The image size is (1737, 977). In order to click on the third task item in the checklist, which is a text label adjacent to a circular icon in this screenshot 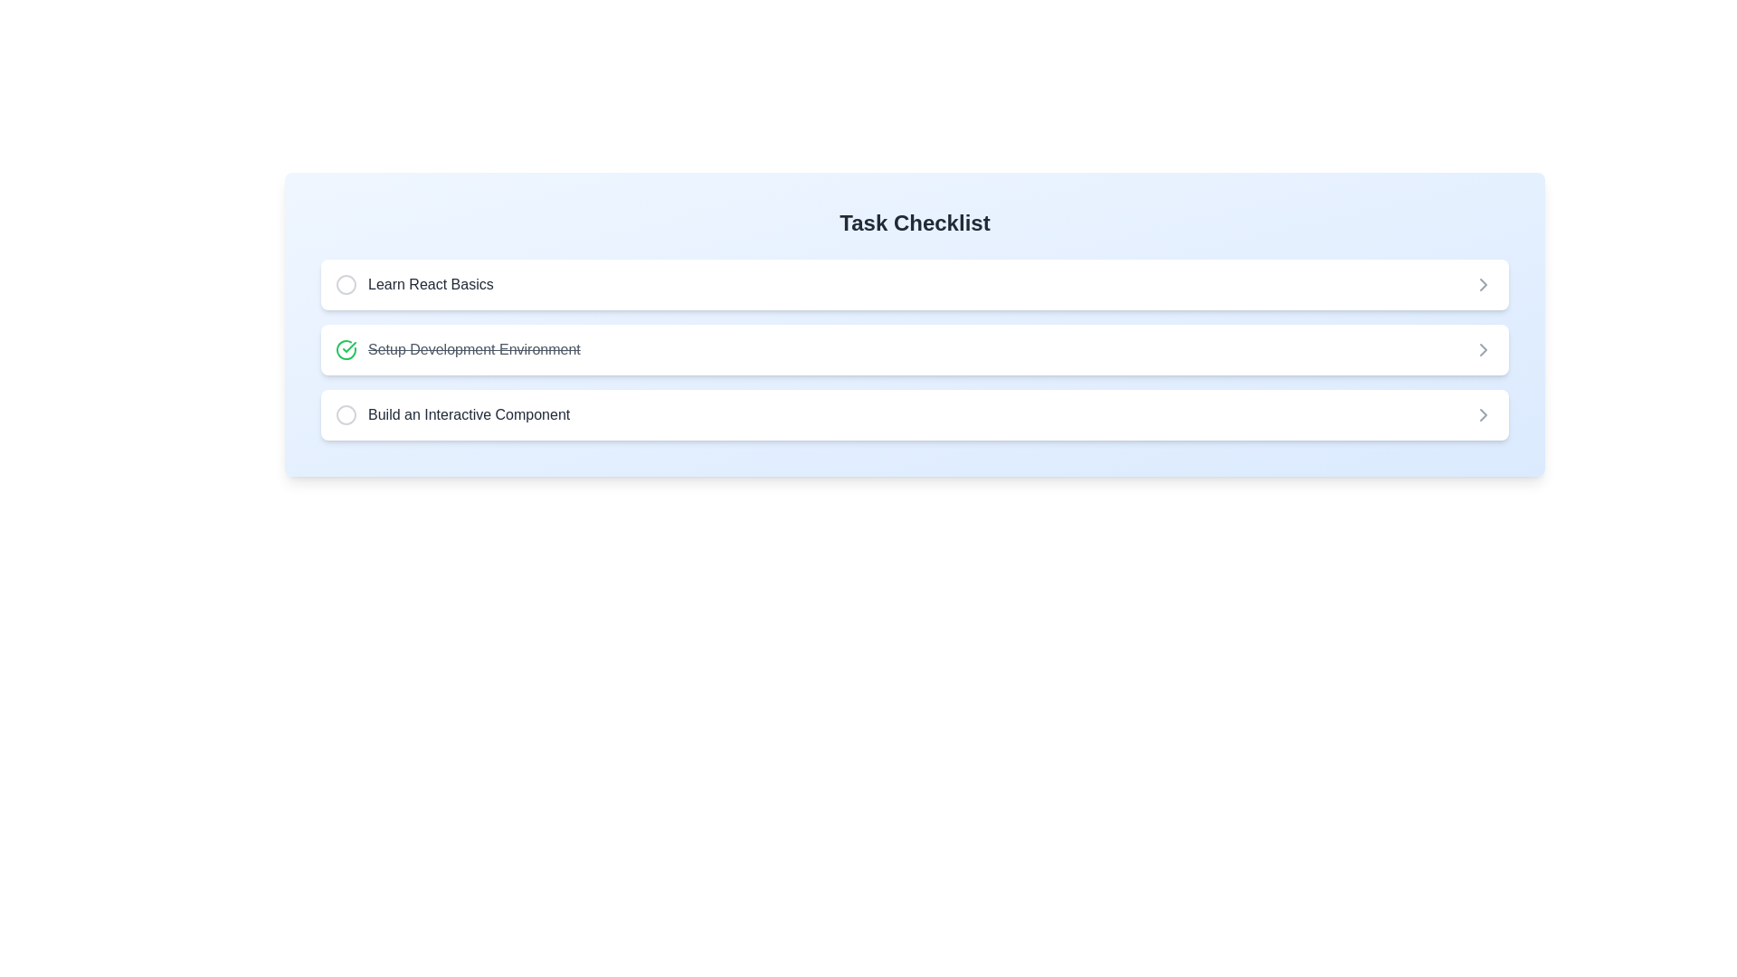, I will do `click(452, 415)`.